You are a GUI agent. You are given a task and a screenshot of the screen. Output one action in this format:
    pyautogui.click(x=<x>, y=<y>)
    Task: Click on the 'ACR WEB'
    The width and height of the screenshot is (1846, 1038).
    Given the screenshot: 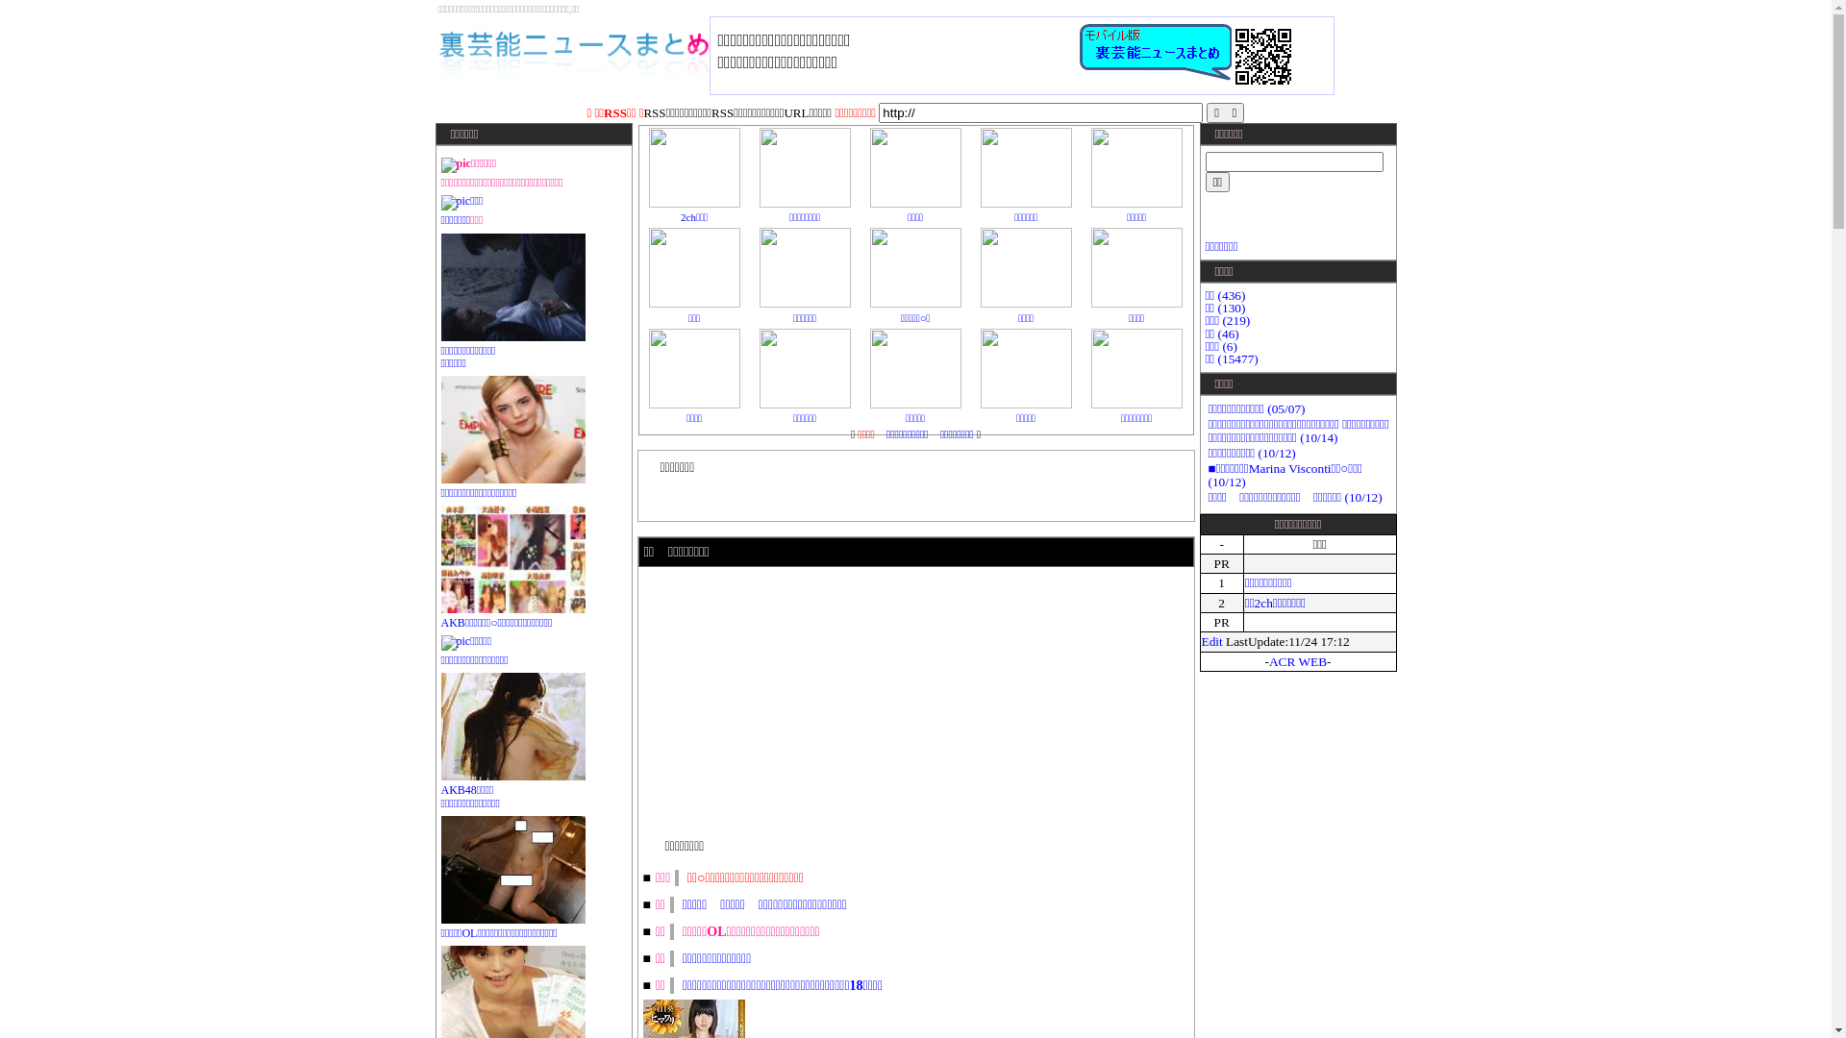 What is the action you would take?
    pyautogui.click(x=1297, y=660)
    